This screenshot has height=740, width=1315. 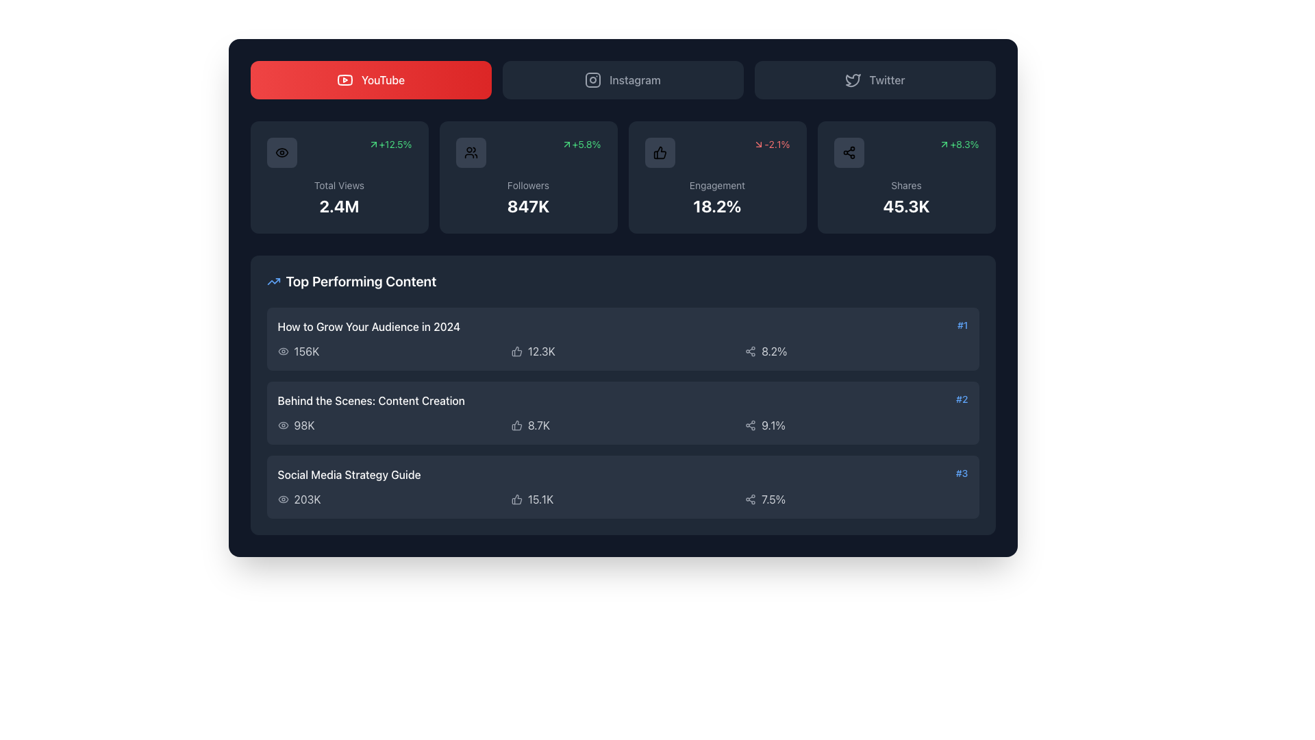 I want to click on the metric display element indicating engagement for 'How to Grow Your Audience in 2024', located in the 'Top Performing Content' section, specifically in the second column between '156K' and '8.2%', so click(x=622, y=351).